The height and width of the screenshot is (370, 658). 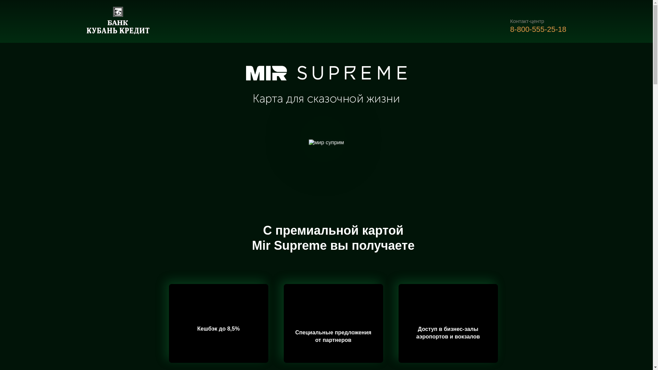 I want to click on '8-800-555-25-18', so click(x=538, y=29).